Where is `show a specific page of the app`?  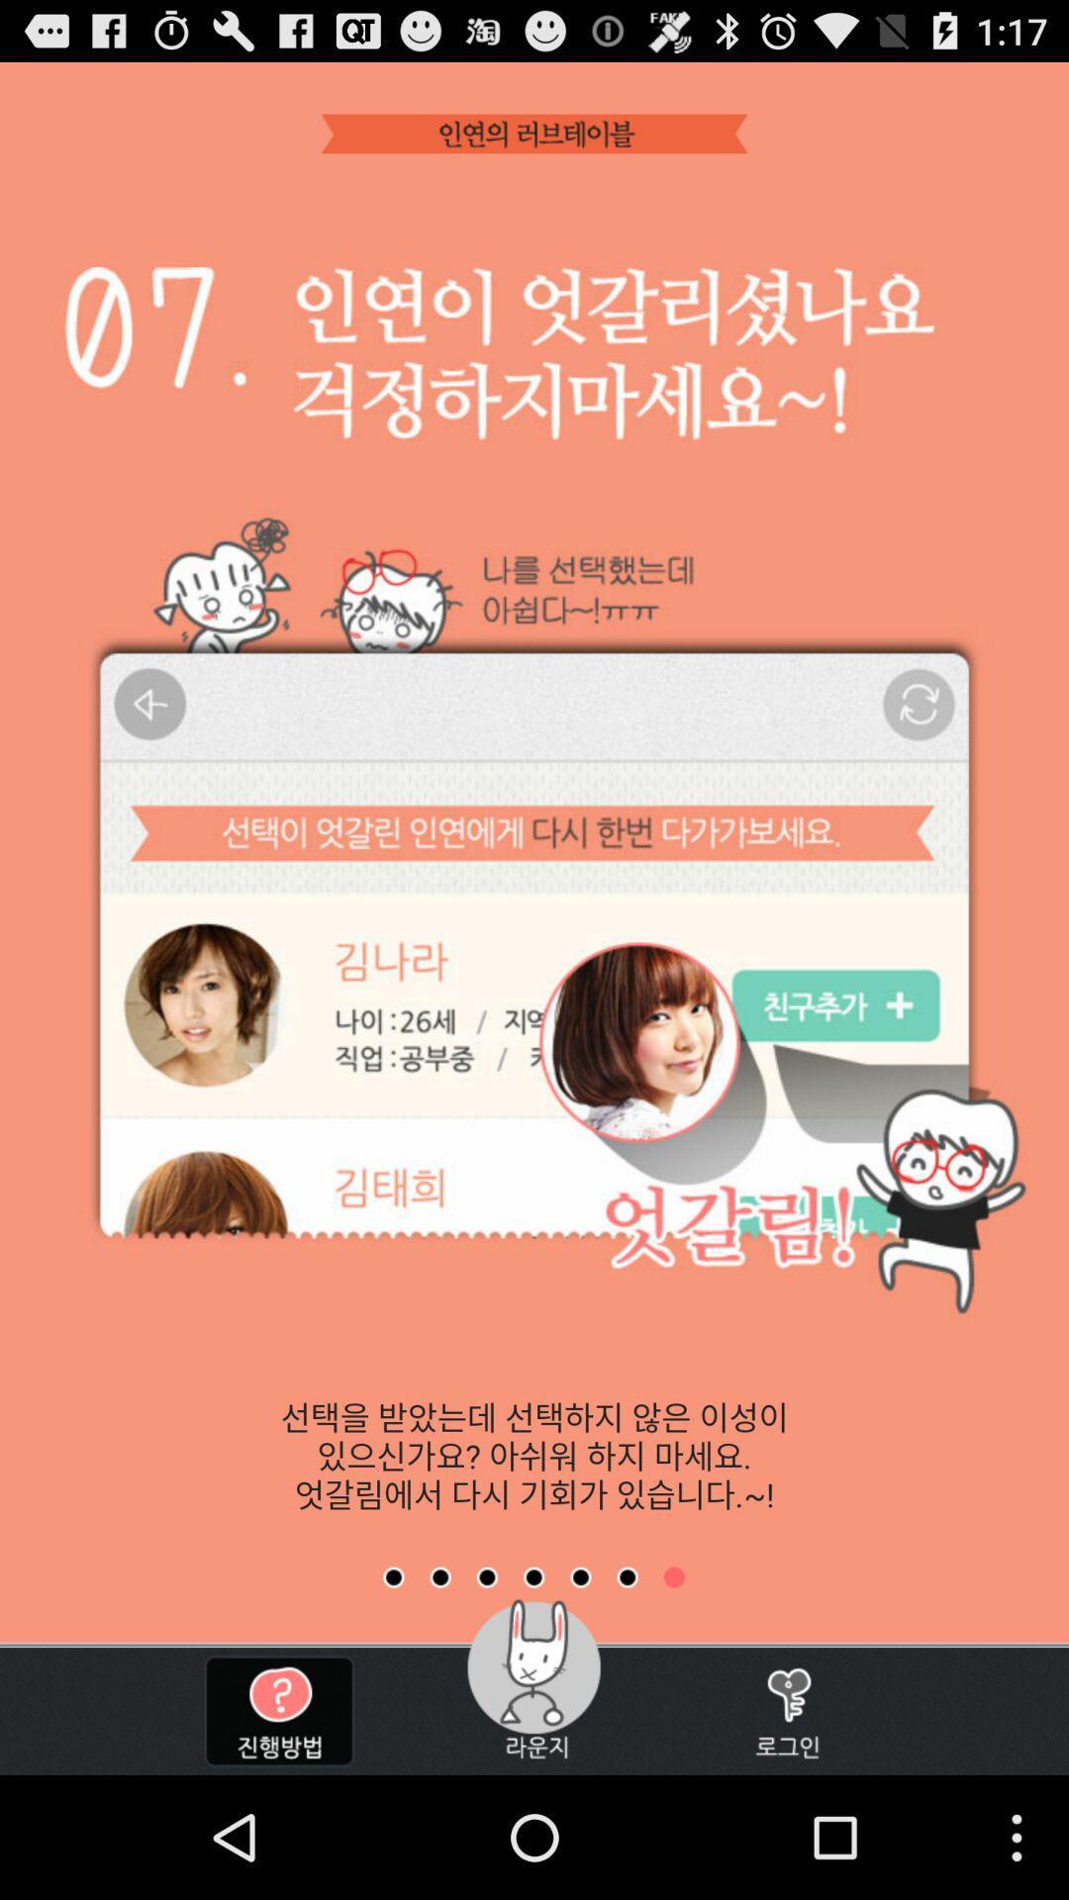
show a specific page of the app is located at coordinates (673, 1576).